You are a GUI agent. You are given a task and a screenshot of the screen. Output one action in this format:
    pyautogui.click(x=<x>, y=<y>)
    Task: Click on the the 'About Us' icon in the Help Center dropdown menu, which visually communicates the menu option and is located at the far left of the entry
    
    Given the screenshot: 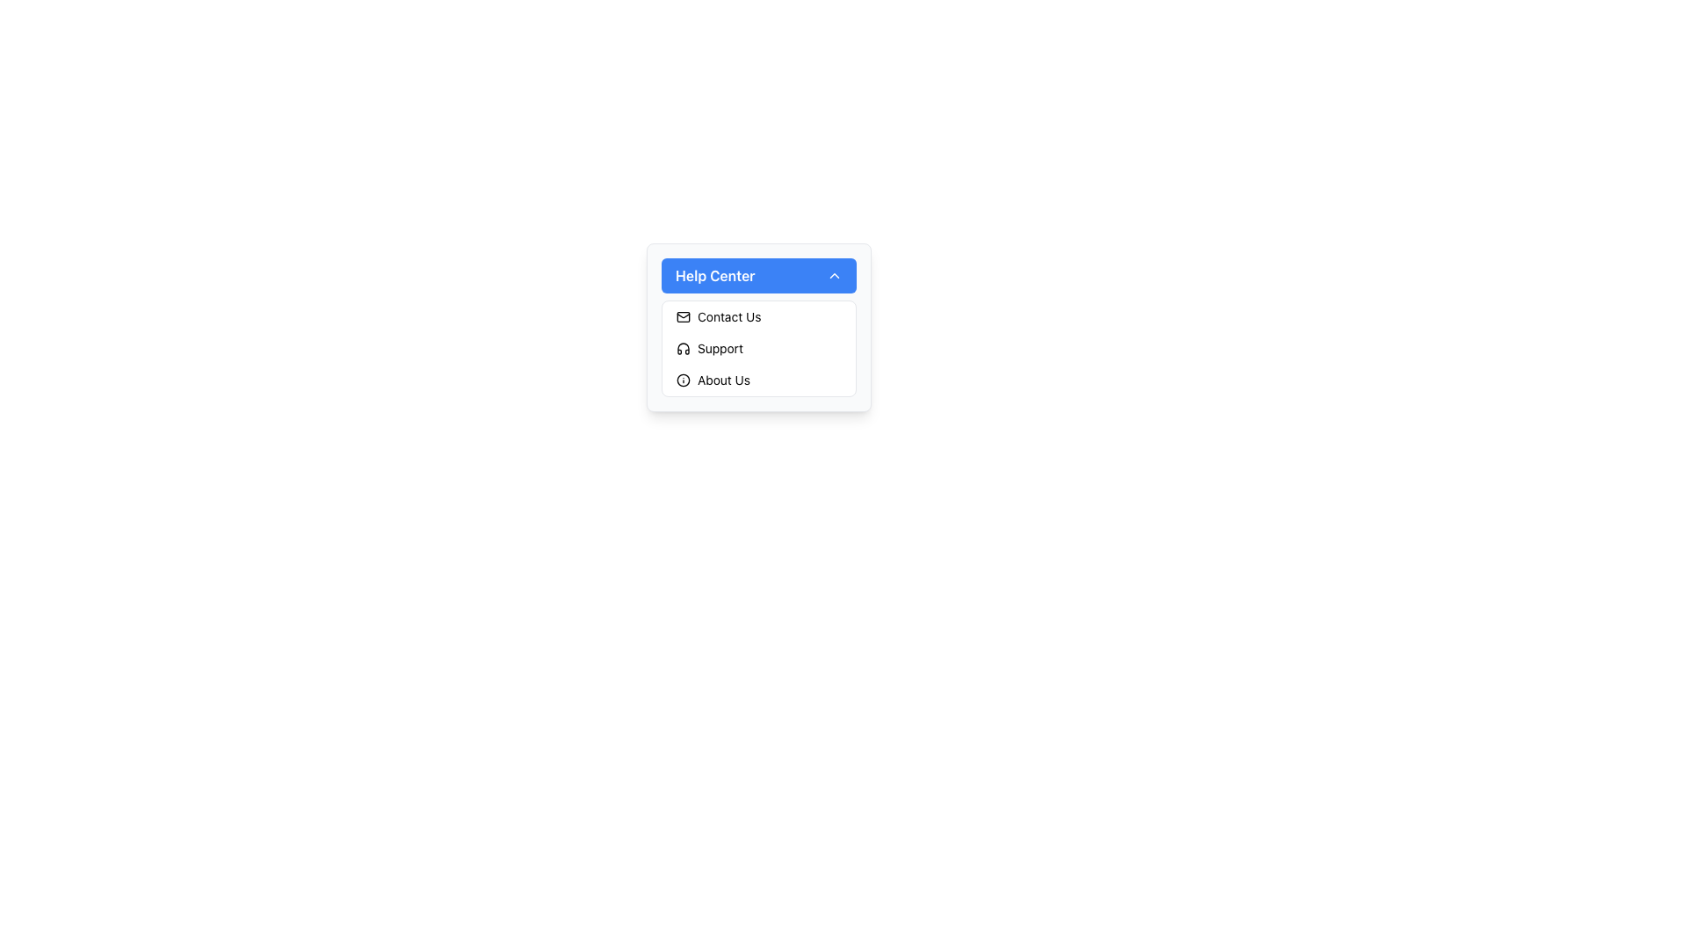 What is the action you would take?
    pyautogui.click(x=682, y=379)
    